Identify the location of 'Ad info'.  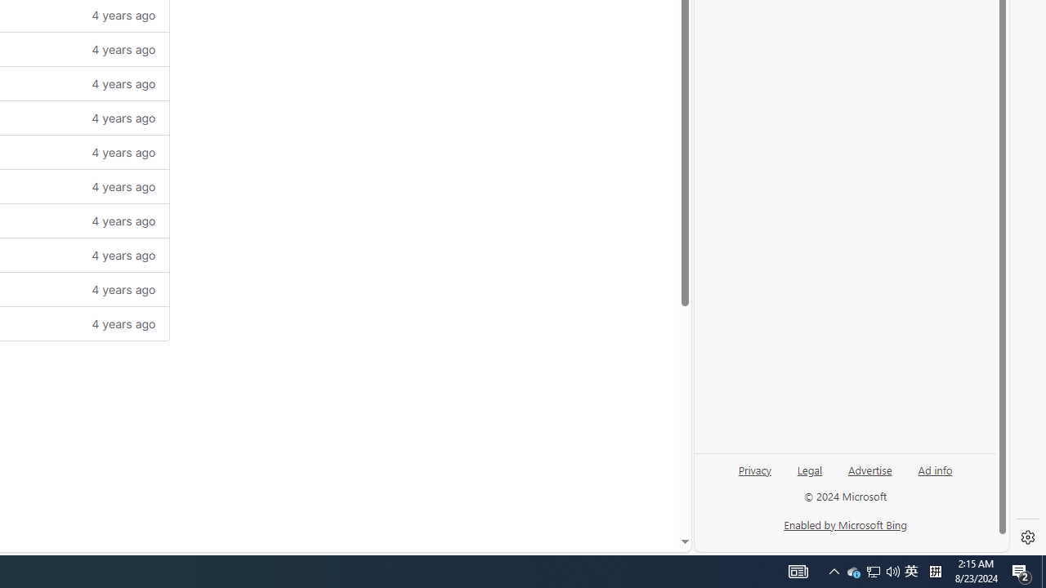
(935, 469).